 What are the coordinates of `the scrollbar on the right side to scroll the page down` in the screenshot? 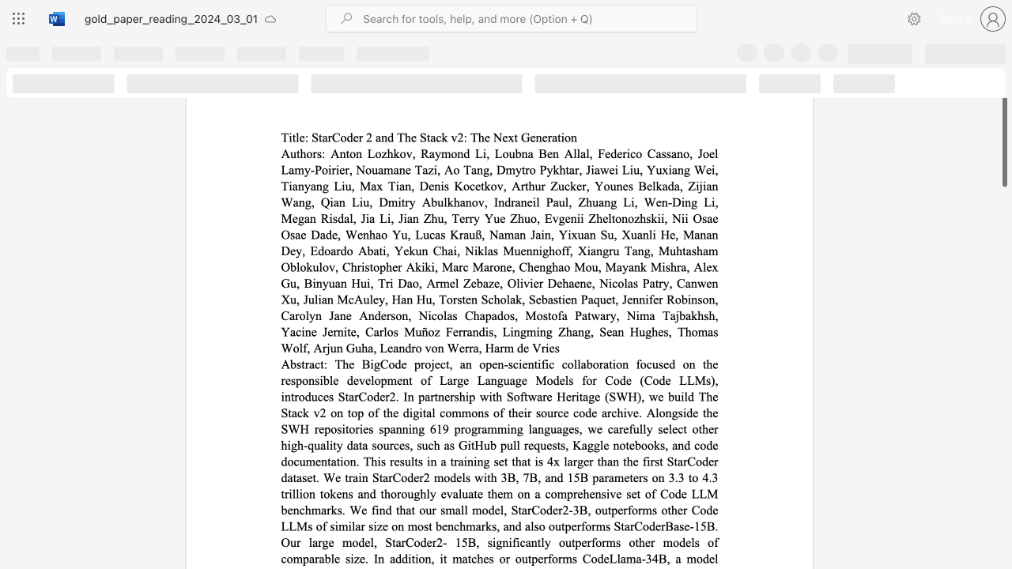 It's located at (1003, 409).